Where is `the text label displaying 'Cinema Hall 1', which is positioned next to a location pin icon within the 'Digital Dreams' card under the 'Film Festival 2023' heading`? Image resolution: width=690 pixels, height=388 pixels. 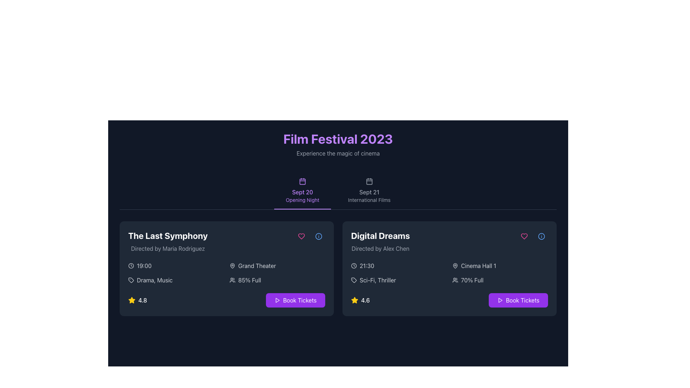 the text label displaying 'Cinema Hall 1', which is positioned next to a location pin icon within the 'Digital Dreams' card under the 'Film Festival 2023' heading is located at coordinates (478, 266).